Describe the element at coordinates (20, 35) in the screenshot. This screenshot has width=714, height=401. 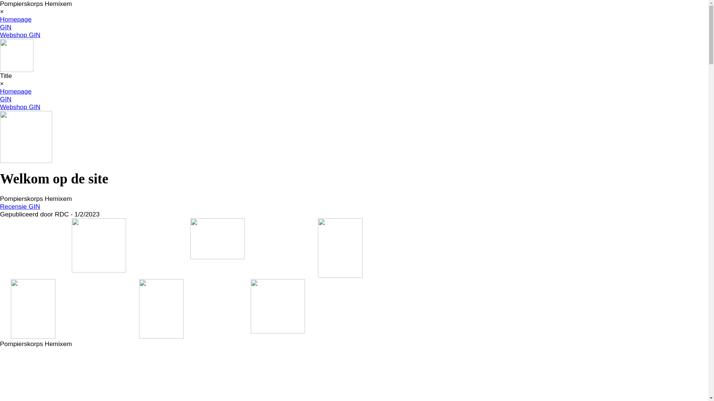
I see `'Webshop GIN'` at that location.